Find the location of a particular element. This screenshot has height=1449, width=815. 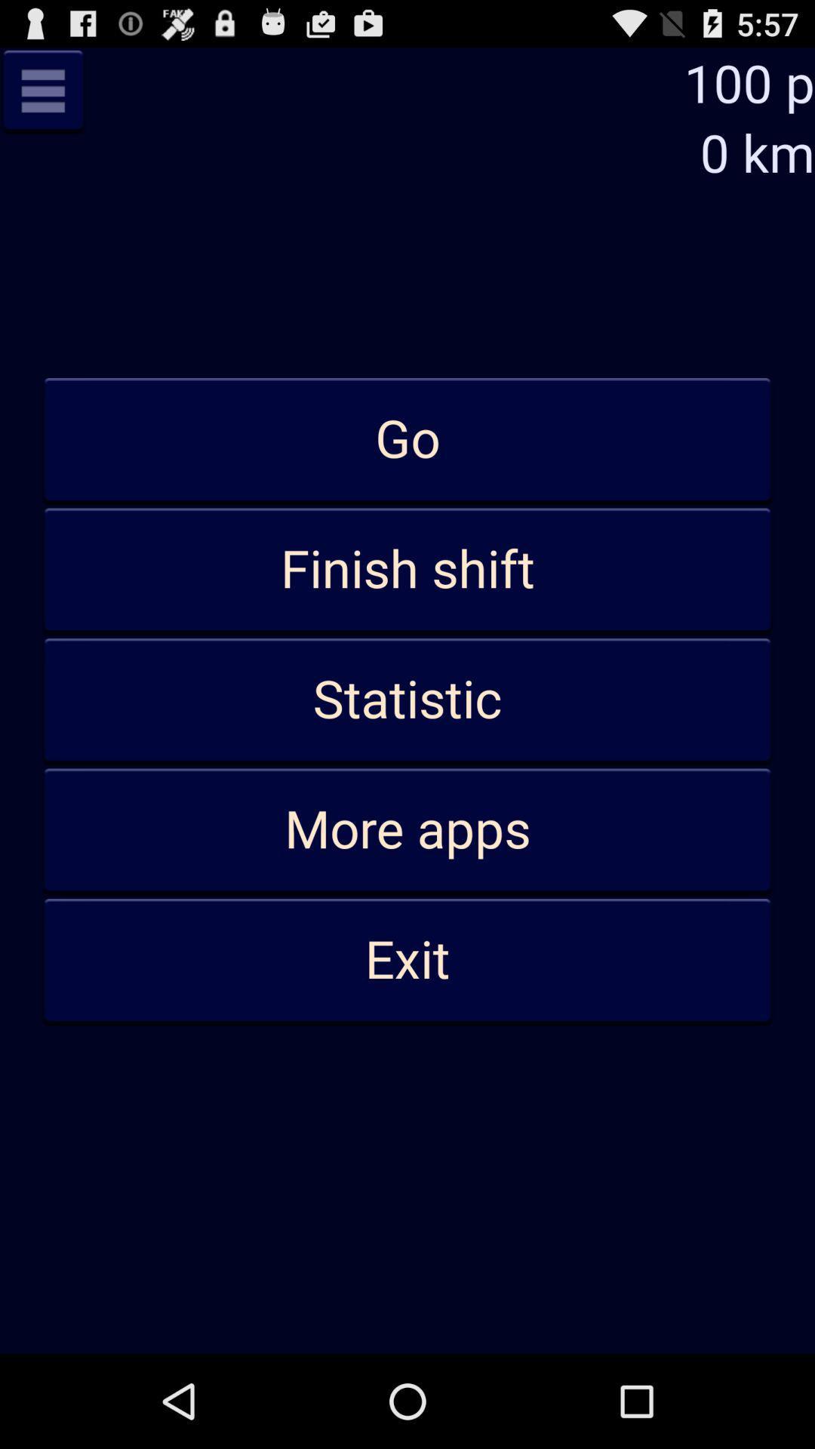

item above exit is located at coordinates (407, 829).